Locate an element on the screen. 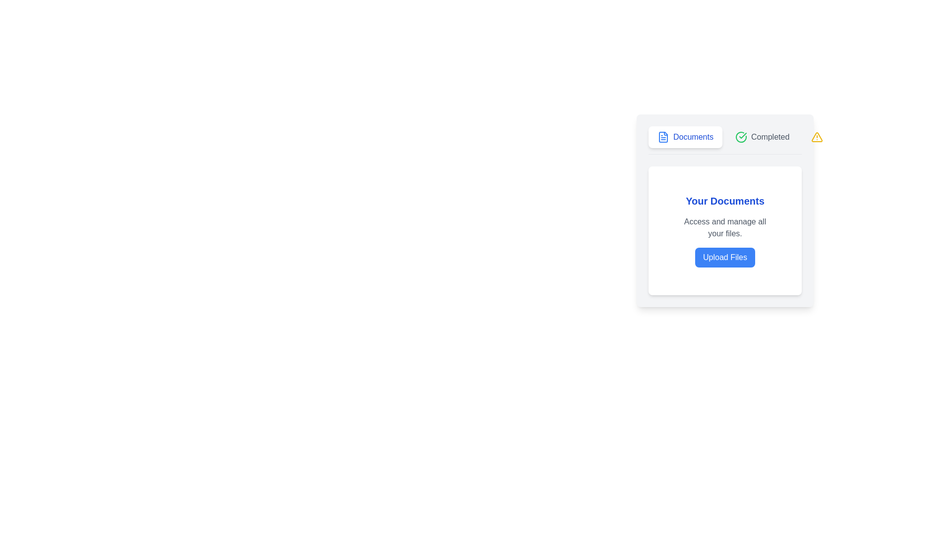  the 'Alerts' button, which is the third item in the horizontal menu bar is located at coordinates (829, 137).